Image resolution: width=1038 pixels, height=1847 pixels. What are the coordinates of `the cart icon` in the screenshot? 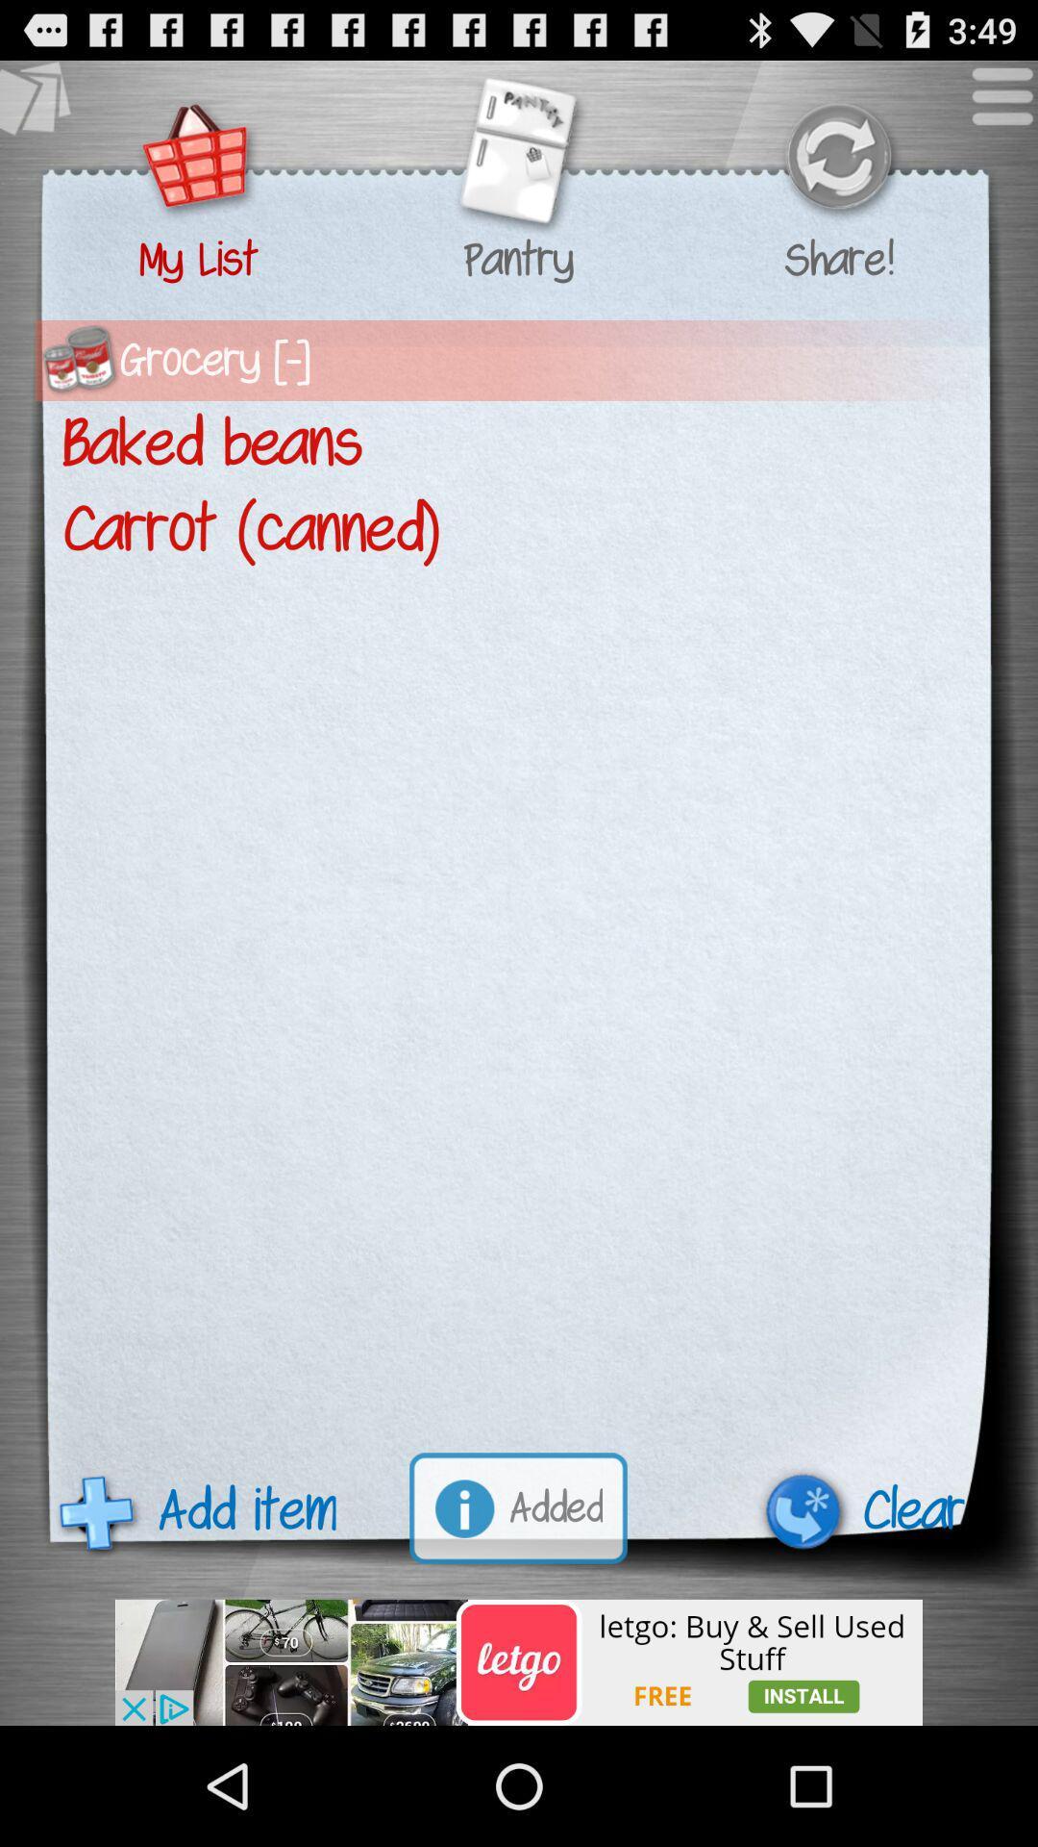 It's located at (198, 170).